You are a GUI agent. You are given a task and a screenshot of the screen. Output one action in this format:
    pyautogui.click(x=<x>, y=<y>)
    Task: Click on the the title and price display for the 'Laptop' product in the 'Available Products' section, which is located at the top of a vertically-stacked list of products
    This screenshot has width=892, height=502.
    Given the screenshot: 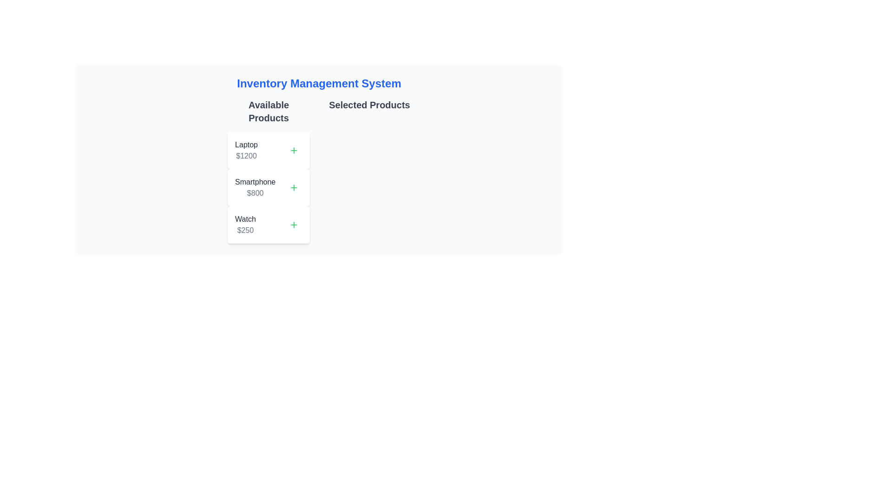 What is the action you would take?
    pyautogui.click(x=246, y=150)
    